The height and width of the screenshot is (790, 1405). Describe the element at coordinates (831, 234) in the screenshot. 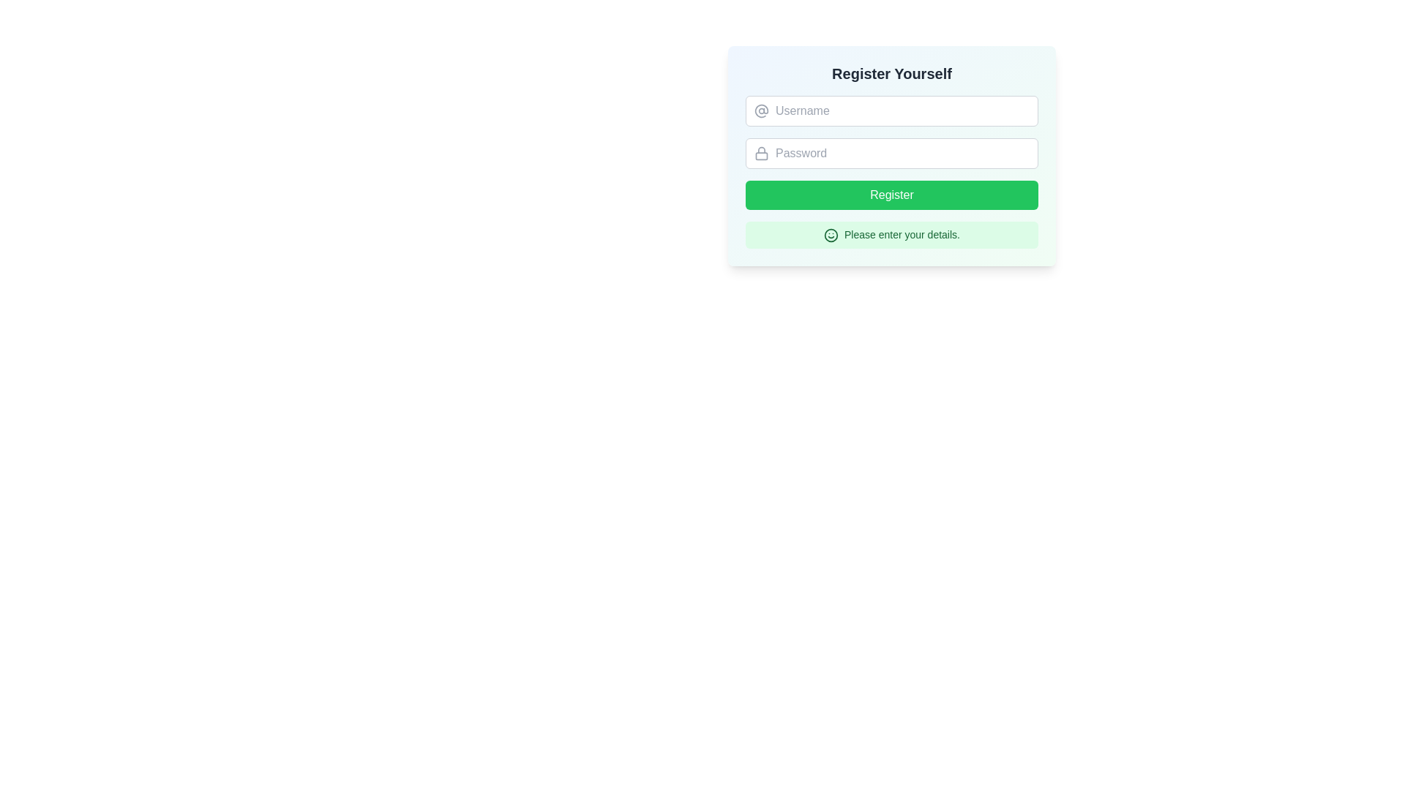

I see `the smiley icon graphic, which is styled in a circular shape with two small dots for eyes and a curved line for a smile, located next to the text 'Please enter your details.' in a light green notification area` at that location.